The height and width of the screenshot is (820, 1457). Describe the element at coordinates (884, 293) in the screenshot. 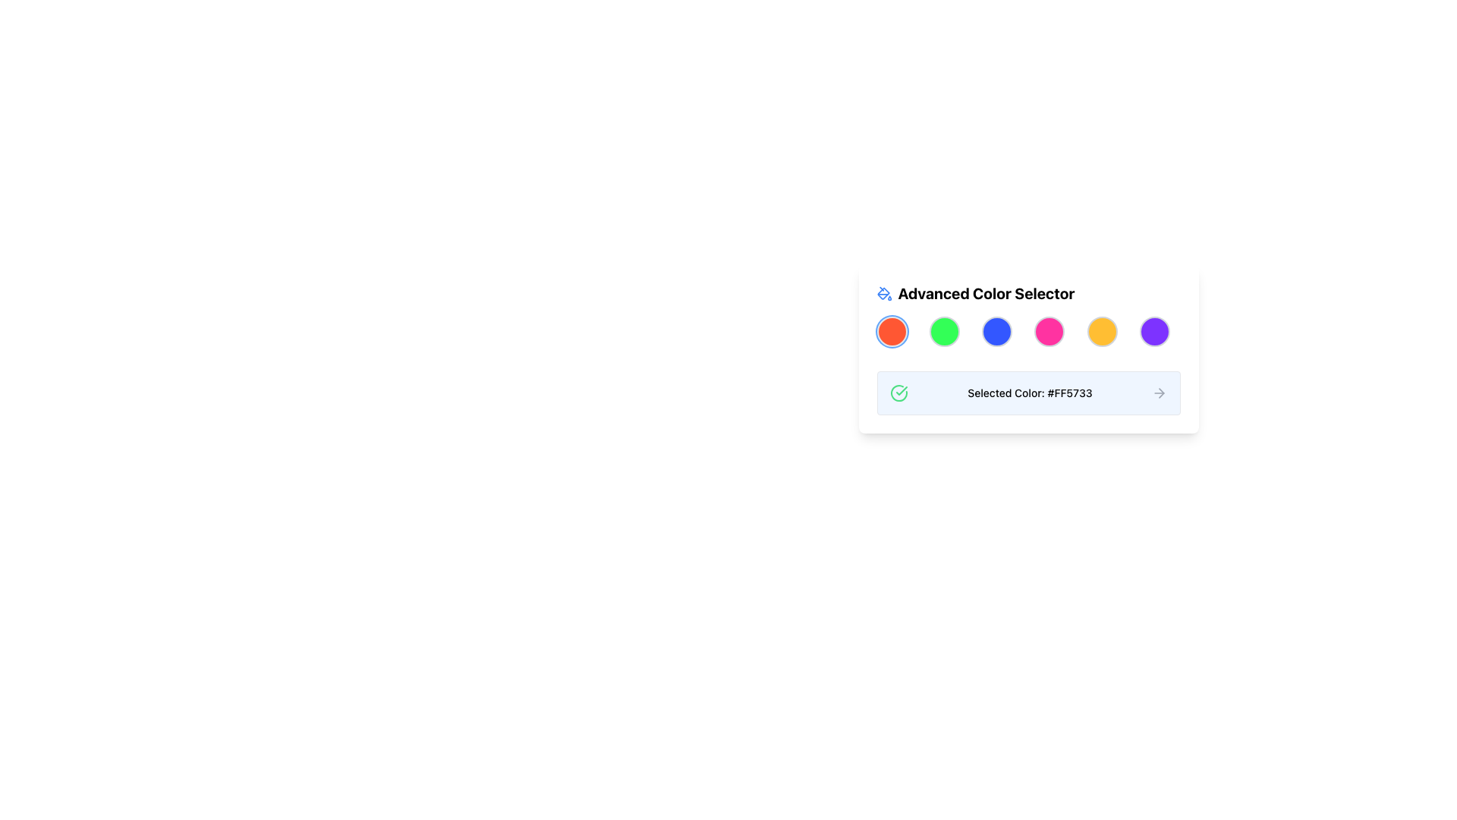

I see `the blue paint bucket icon located to the left of the 'Advanced Color Selector' label` at that location.